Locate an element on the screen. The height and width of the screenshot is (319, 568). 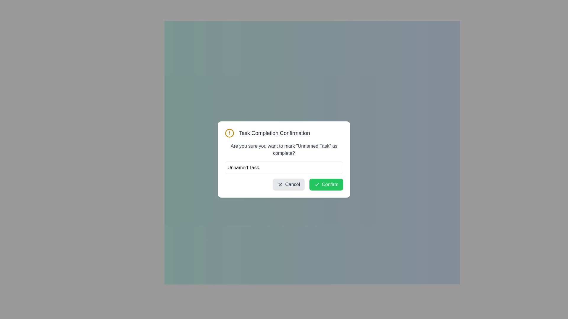
the 'Cancel' button located at the bottom right section of the 'Task Completion Confirmation' dialog box, directly below the 'Unnamed Task' input field is located at coordinates (284, 184).